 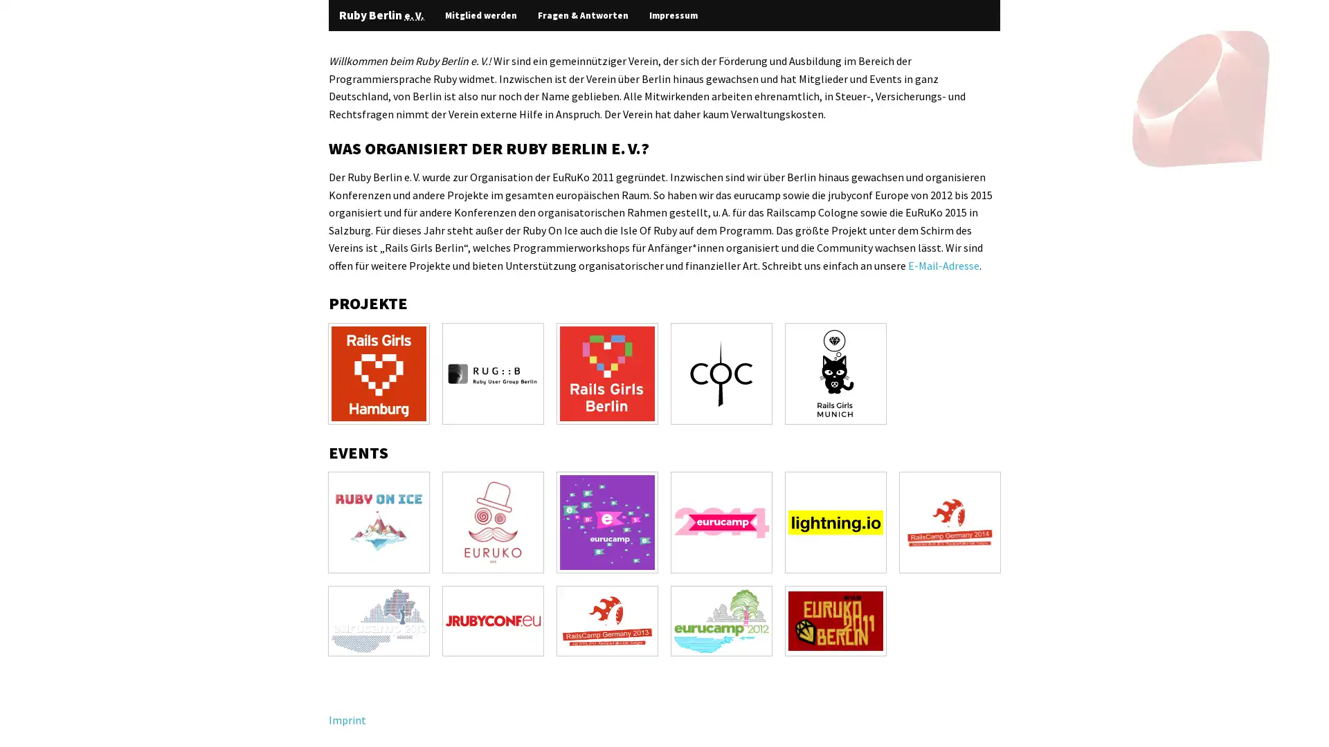 What do you see at coordinates (379, 522) in the screenshot?
I see `Rubyonice 2018` at bounding box center [379, 522].